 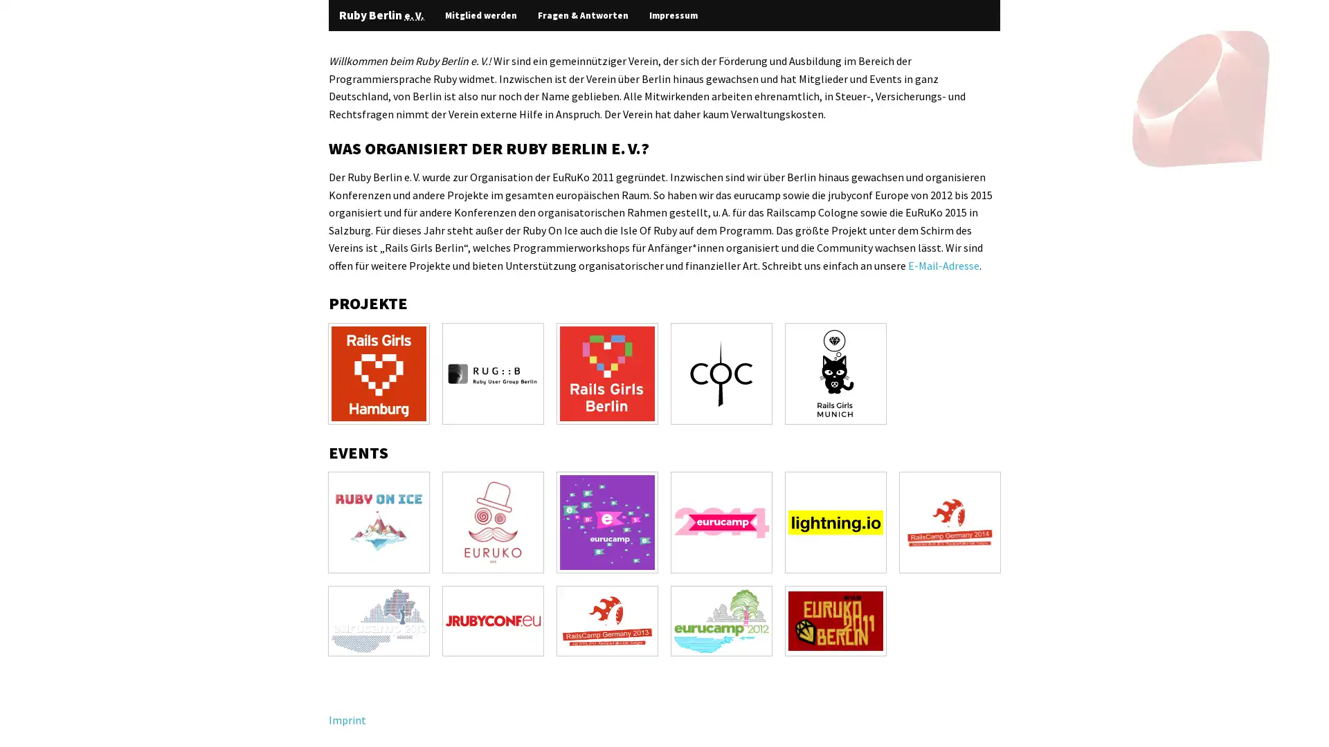 What do you see at coordinates (379, 522) in the screenshot?
I see `Rubyonice 2018` at bounding box center [379, 522].